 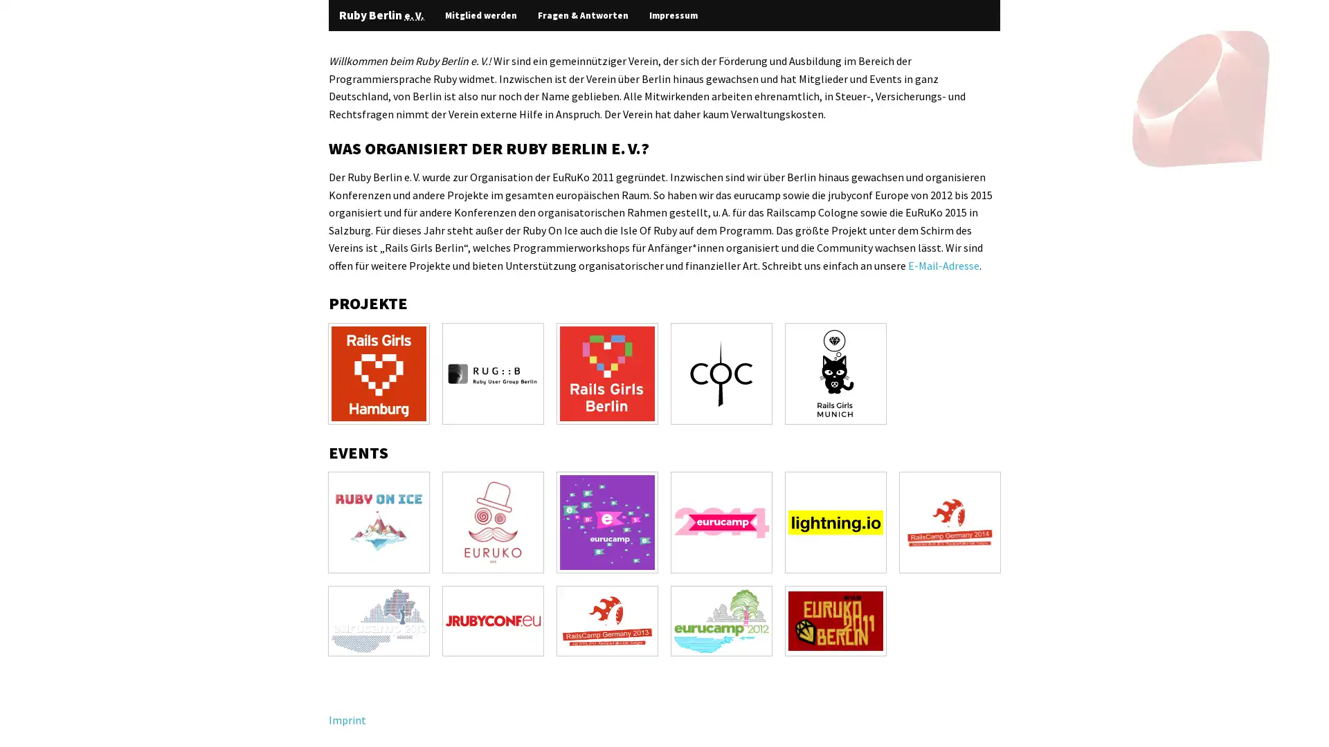 What do you see at coordinates (379, 522) in the screenshot?
I see `Rubyonice 2018` at bounding box center [379, 522].